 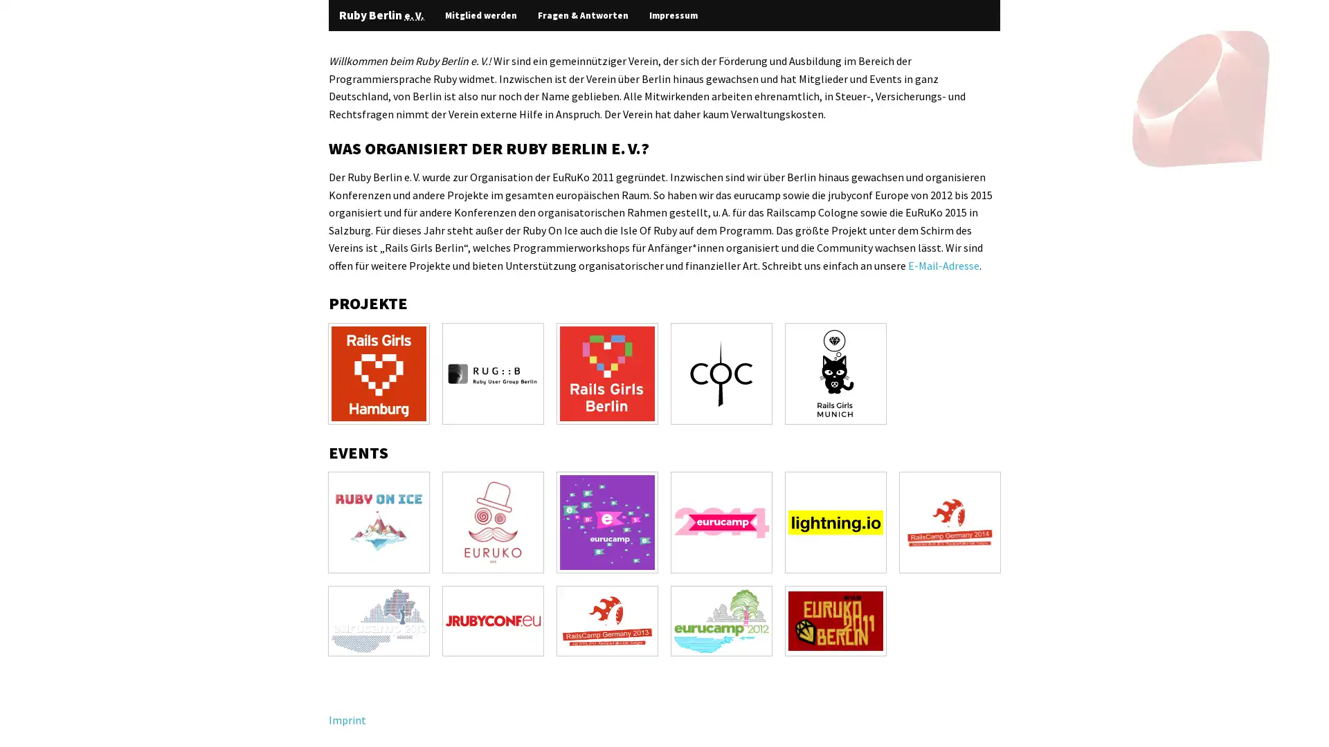 What do you see at coordinates (379, 522) in the screenshot?
I see `Rubyonice 2018` at bounding box center [379, 522].